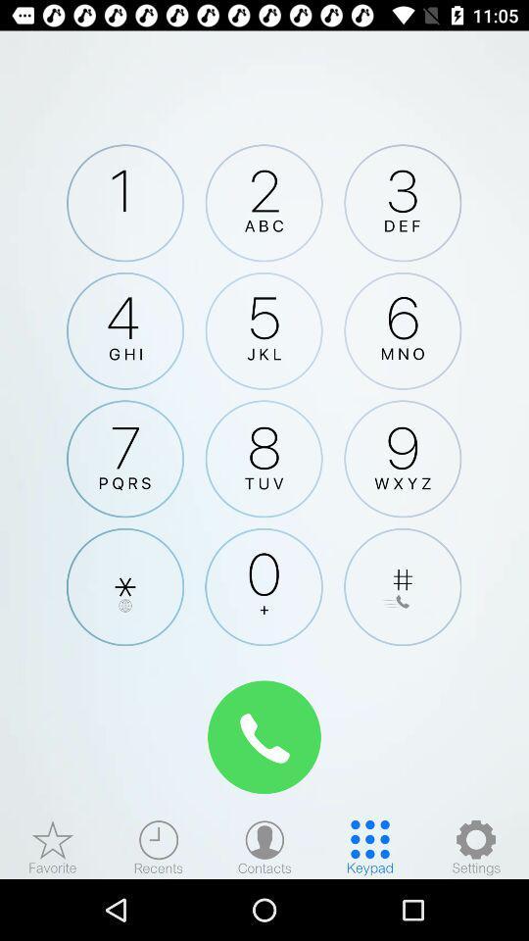  I want to click on click 8 number, so click(264, 459).